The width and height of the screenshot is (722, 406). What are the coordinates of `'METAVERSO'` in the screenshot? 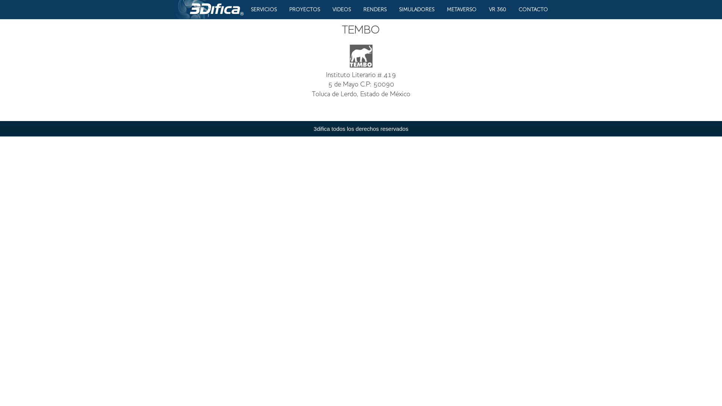 It's located at (447, 10).